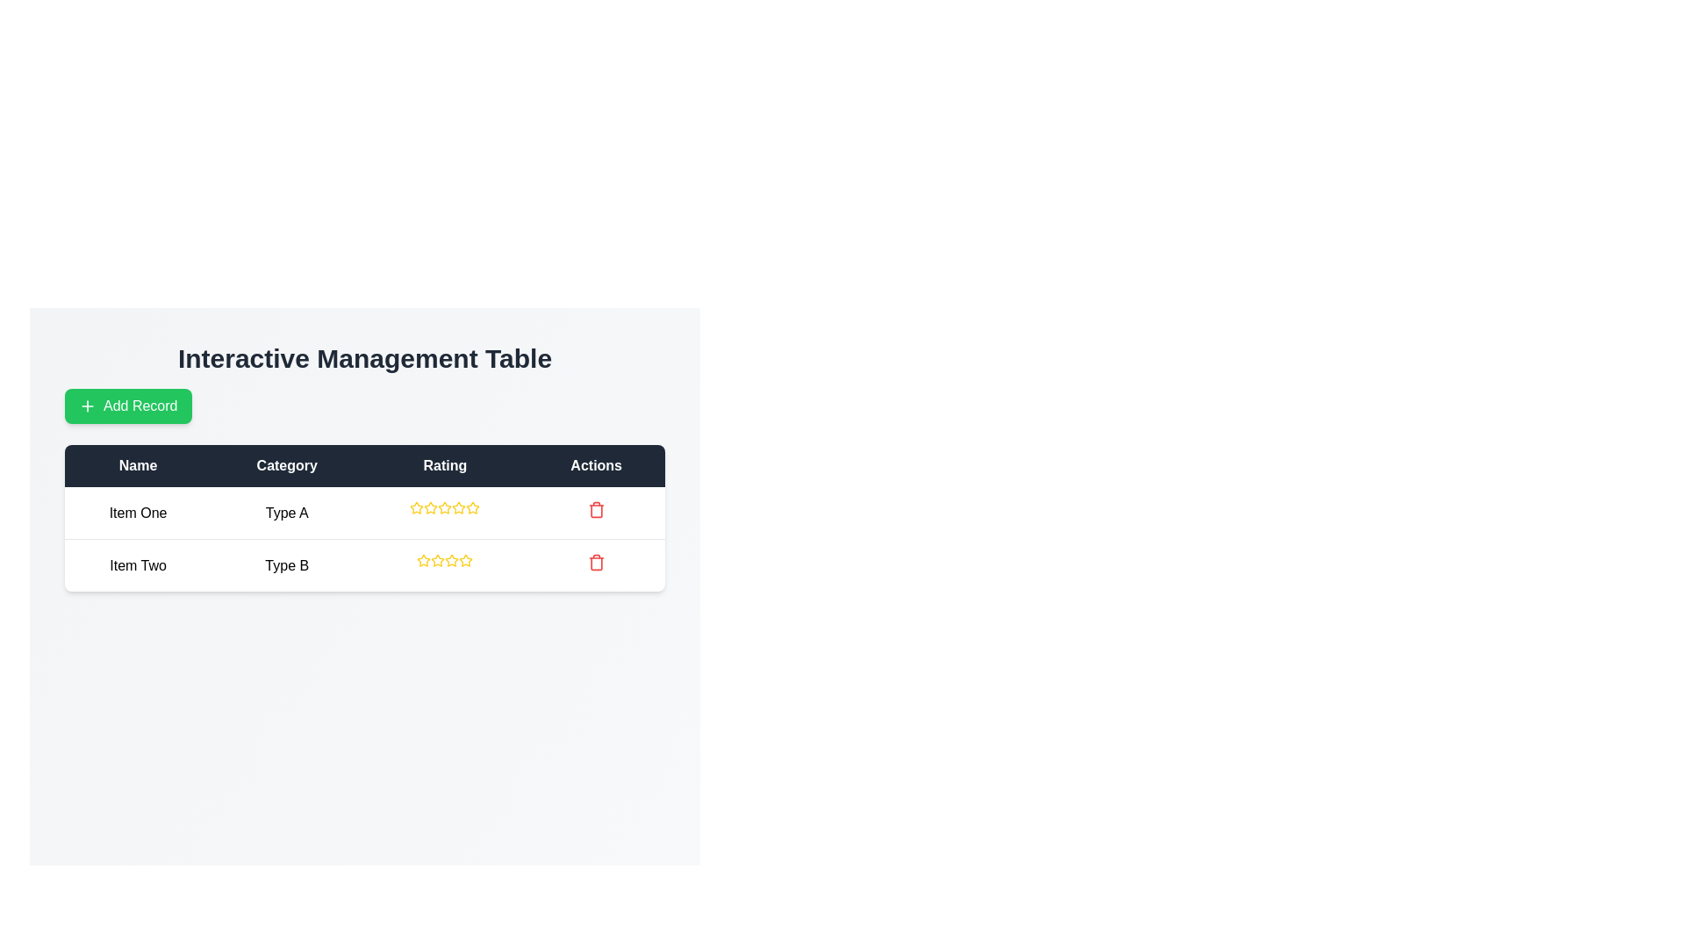 This screenshot has height=948, width=1685. What do you see at coordinates (431, 507) in the screenshot?
I see `the displayed state of the yellow star icon with a thin outline, which is the third star in a row dedicated to 'Item One' under the 'Rating' column` at bounding box center [431, 507].